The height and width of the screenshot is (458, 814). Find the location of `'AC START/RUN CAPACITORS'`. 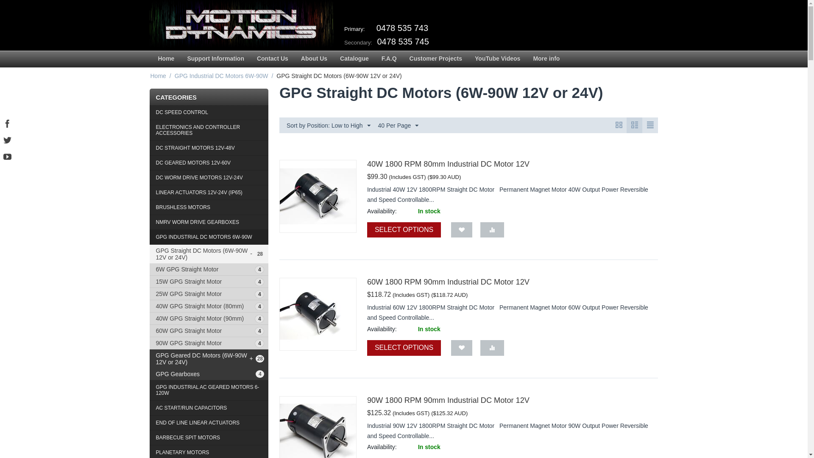

'AC START/RUN CAPACITORS' is located at coordinates (209, 408).